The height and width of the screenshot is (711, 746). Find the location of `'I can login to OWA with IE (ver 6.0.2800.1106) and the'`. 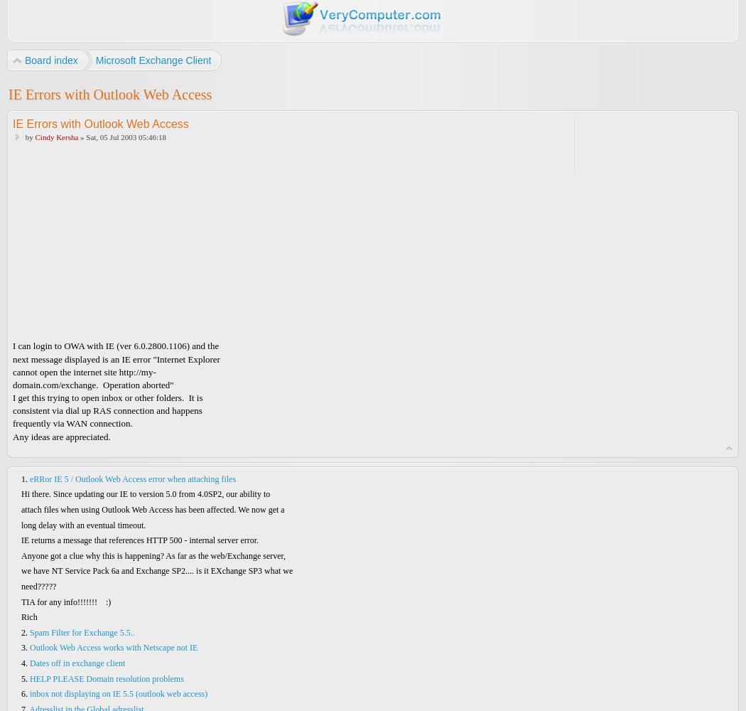

'I can login to OWA with IE (ver 6.0.2800.1106) and the' is located at coordinates (115, 345).